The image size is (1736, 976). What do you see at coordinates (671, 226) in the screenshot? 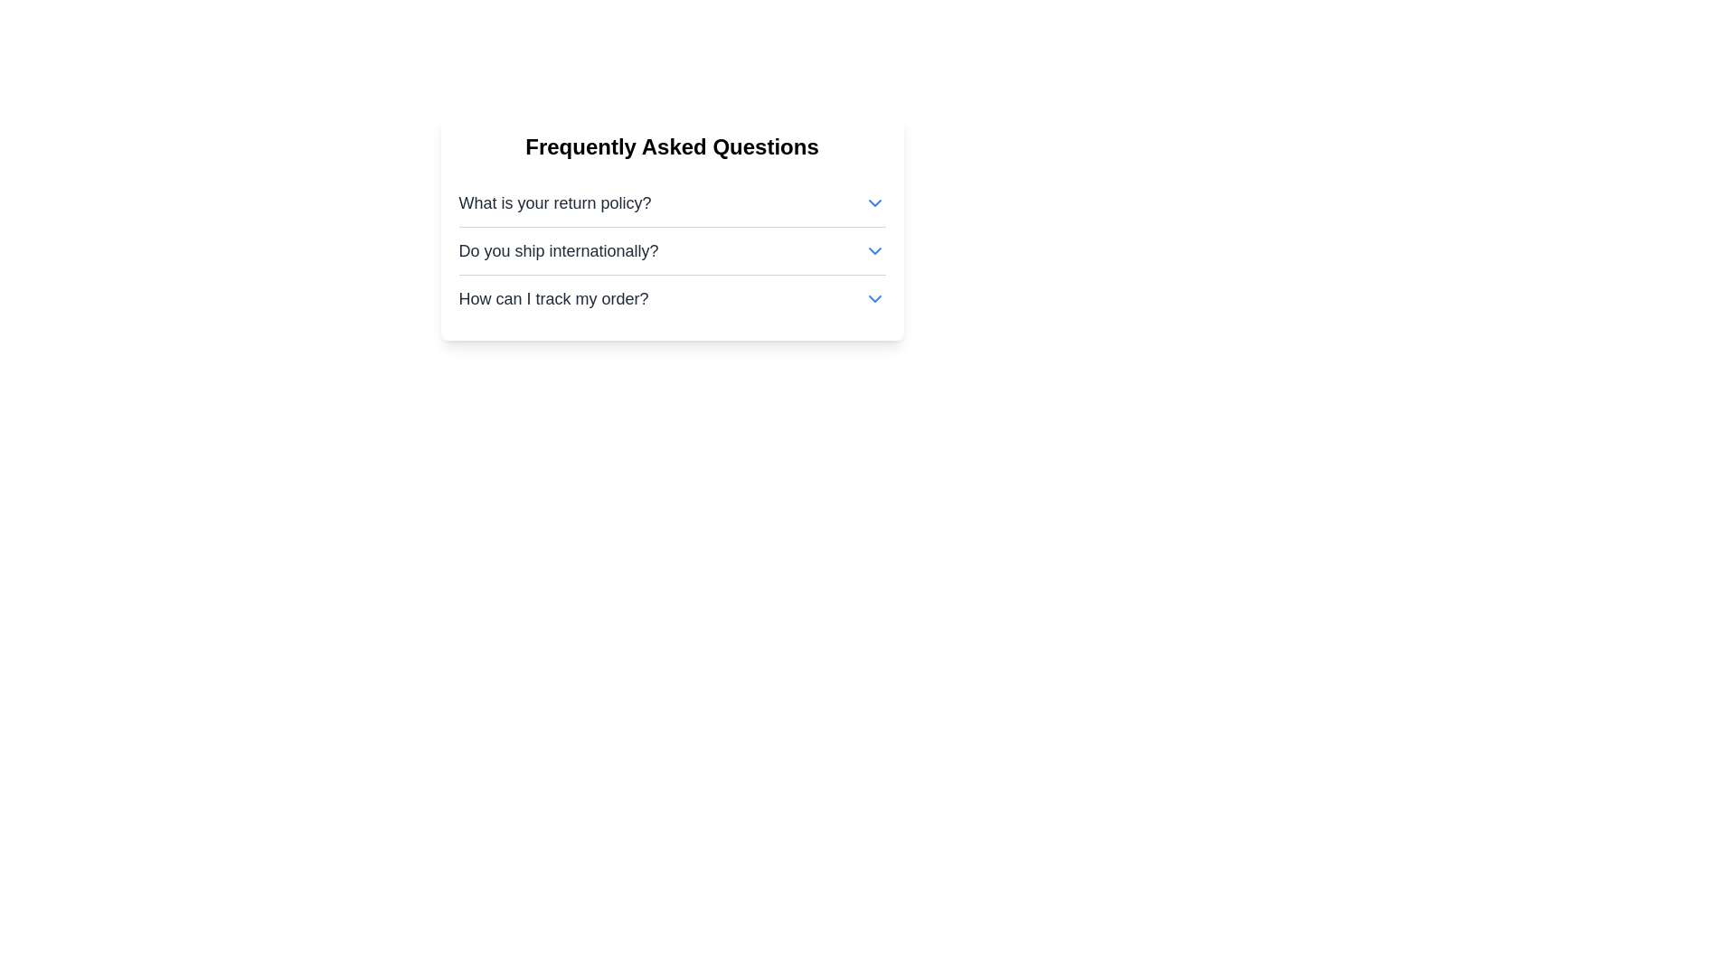
I see `the second item in the FAQ Expandable List Section` at bounding box center [671, 226].